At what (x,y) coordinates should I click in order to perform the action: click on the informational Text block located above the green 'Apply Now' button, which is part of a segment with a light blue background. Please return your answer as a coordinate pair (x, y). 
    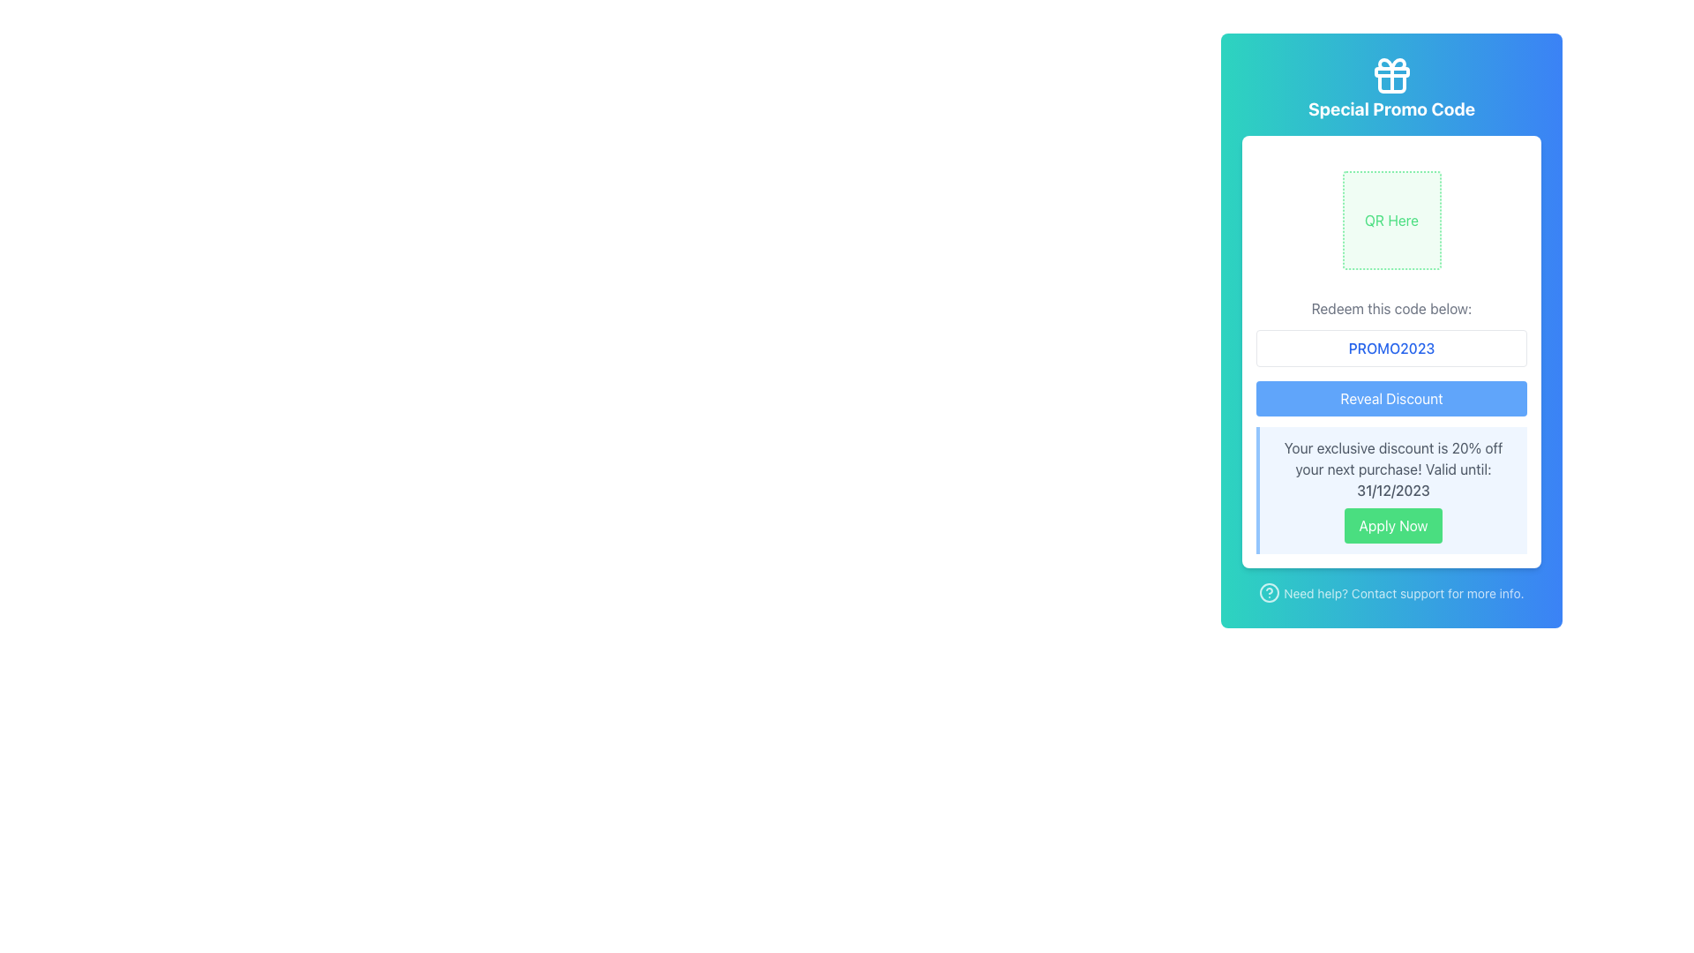
    Looking at the image, I should click on (1392, 469).